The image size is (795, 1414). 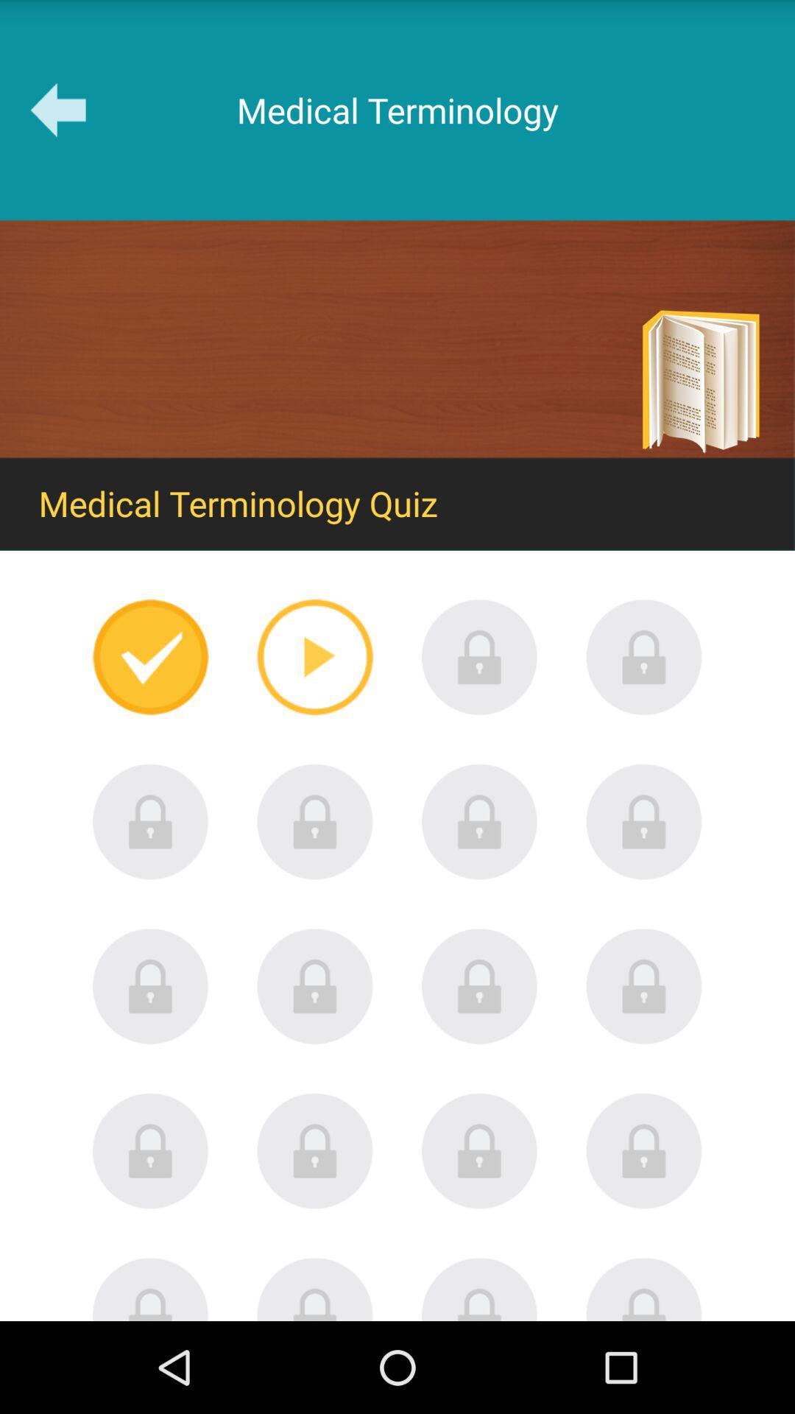 What do you see at coordinates (150, 656) in the screenshot?
I see `done` at bounding box center [150, 656].